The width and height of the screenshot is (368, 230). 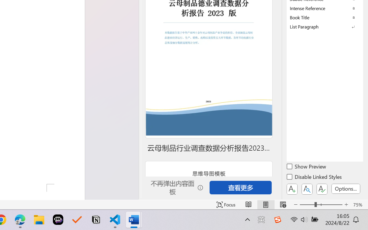 I want to click on 'Intense Reference', so click(x=325, y=8).